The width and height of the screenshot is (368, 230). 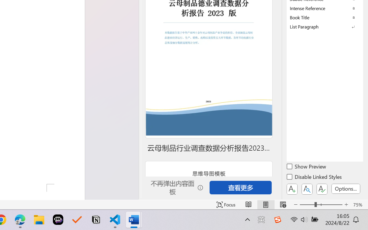 I want to click on 'Intense Reference', so click(x=325, y=8).